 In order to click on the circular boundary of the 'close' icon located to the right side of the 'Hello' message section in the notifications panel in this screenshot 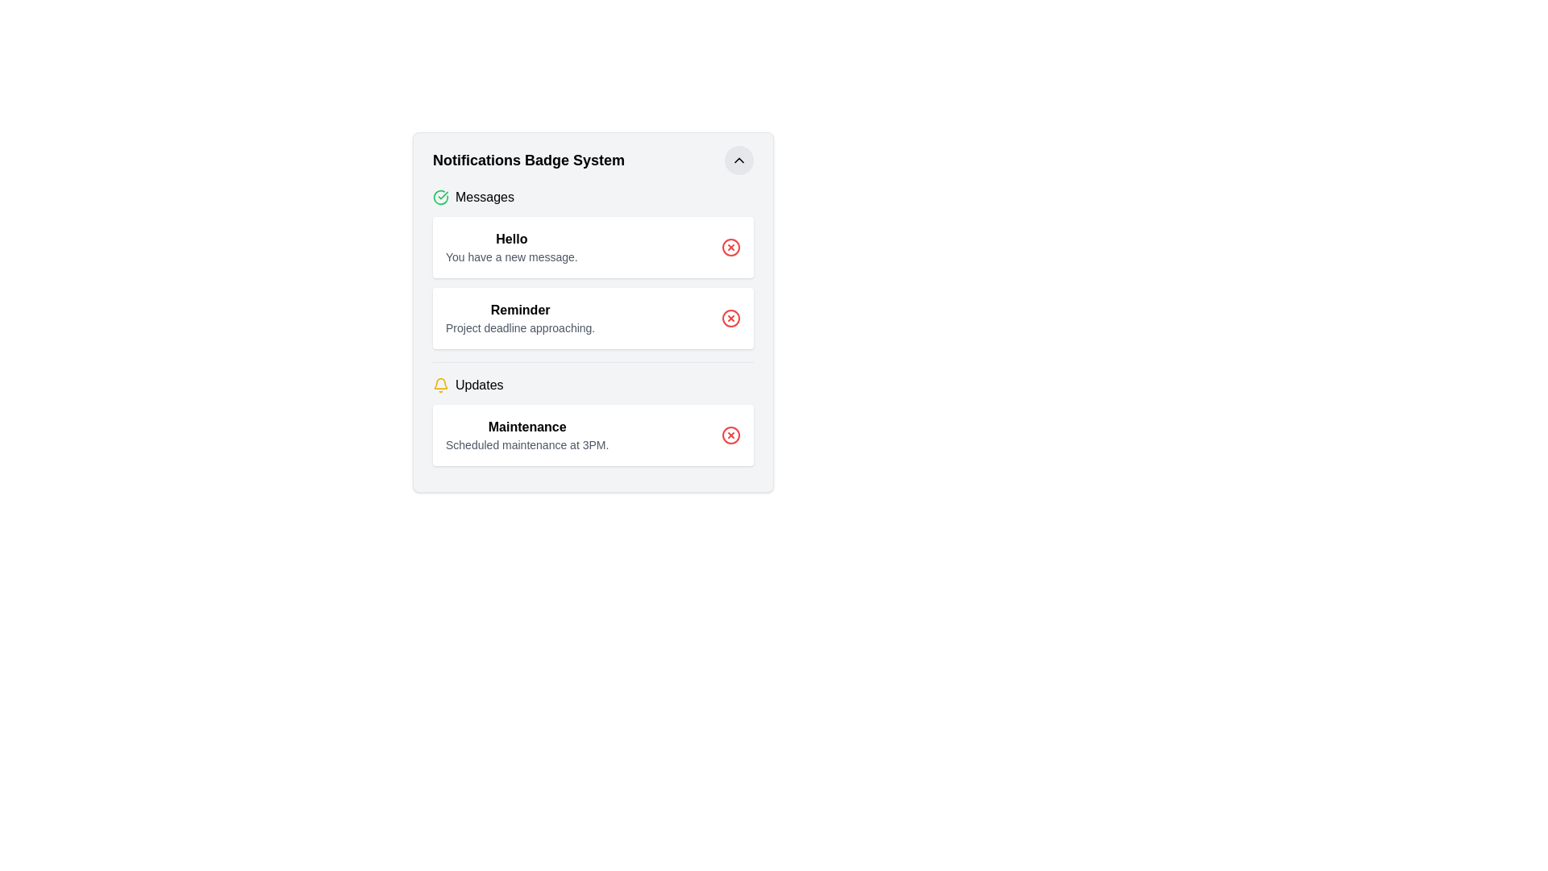, I will do `click(730, 248)`.